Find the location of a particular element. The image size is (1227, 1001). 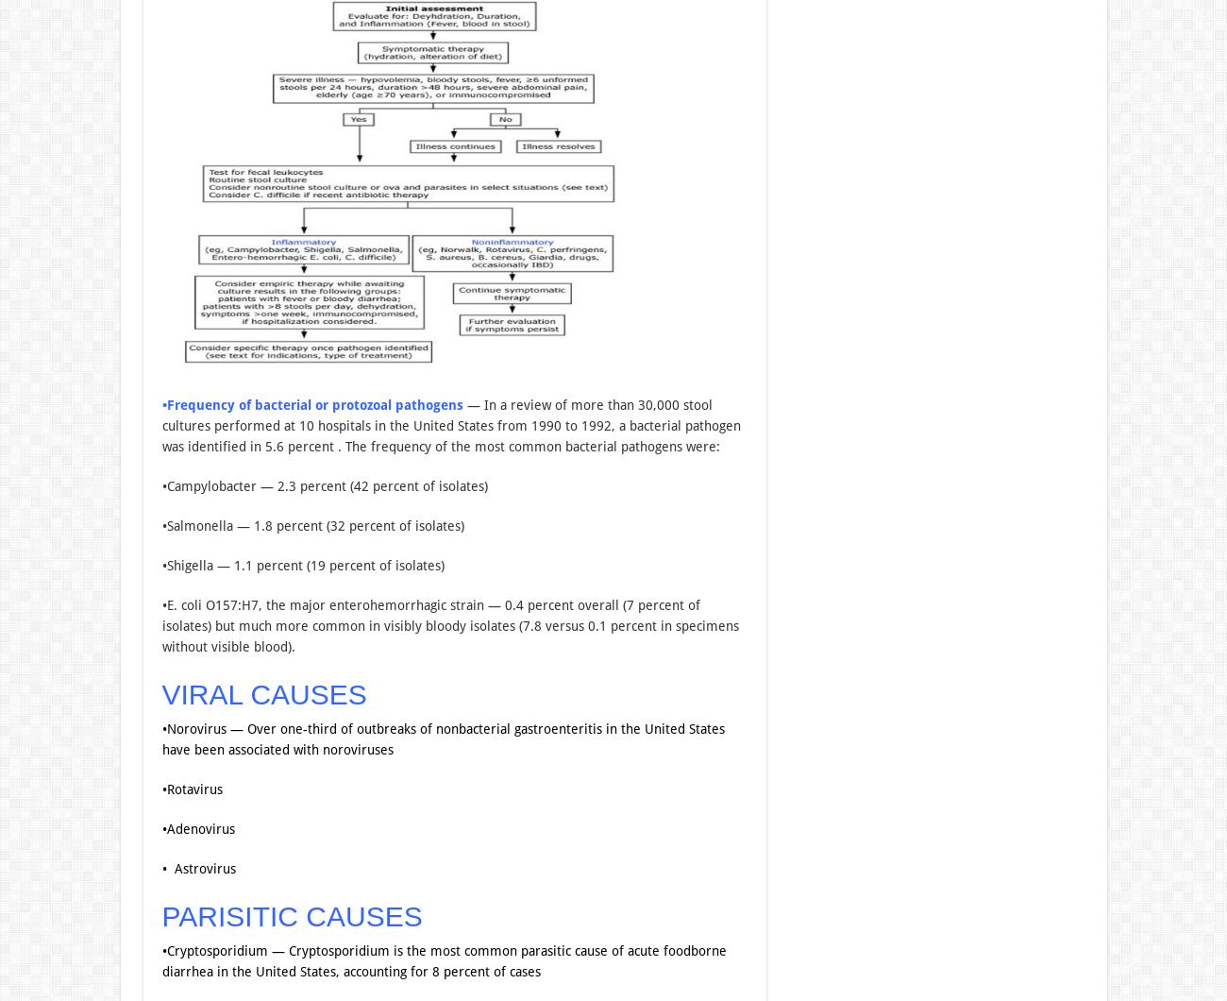

'•Frequency of bacterial or protozoal pathogens' is located at coordinates (160, 403).